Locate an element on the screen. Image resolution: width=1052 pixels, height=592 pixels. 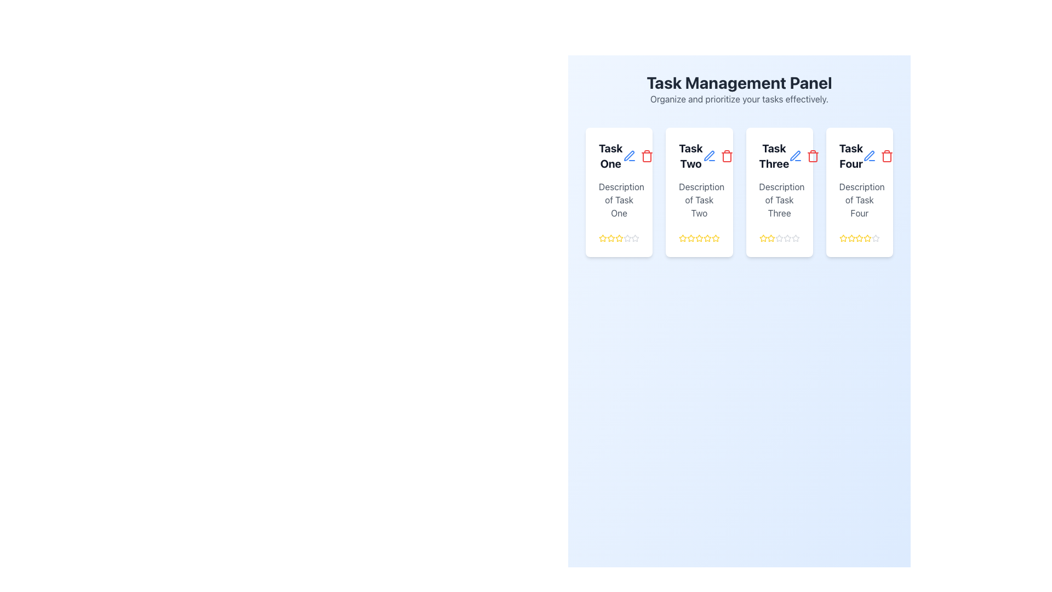
the first star icon in the rating system located at the bottom of the 'Task One' card in the task management panel is located at coordinates (602, 237).